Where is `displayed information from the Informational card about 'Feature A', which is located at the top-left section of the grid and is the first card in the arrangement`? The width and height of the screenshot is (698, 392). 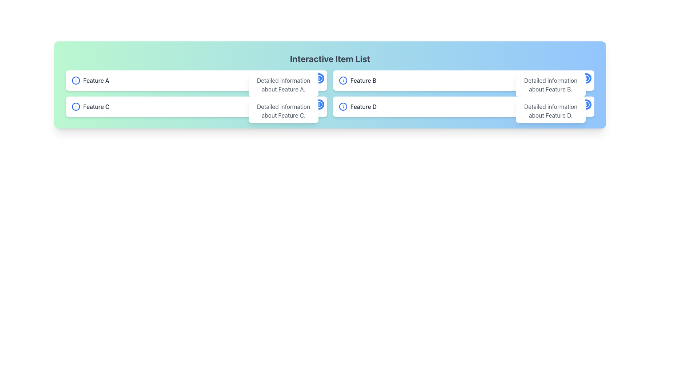 displayed information from the Informational card about 'Feature A', which is located at the top-left section of the grid and is the first card in the arrangement is located at coordinates (196, 81).